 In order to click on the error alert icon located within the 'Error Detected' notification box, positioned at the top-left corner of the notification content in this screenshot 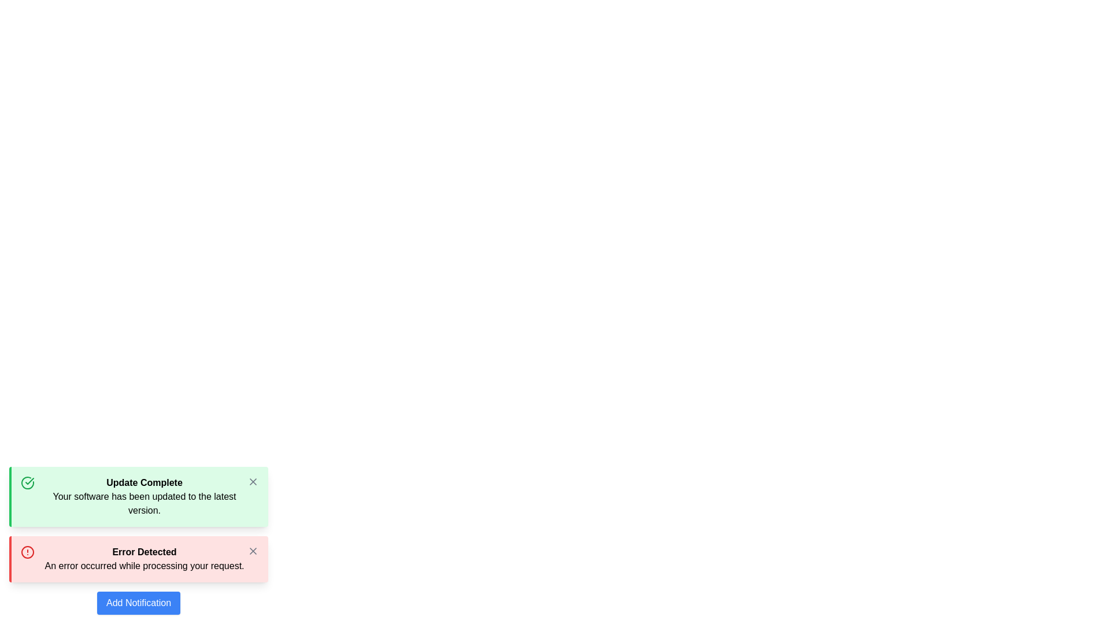, I will do `click(28, 552)`.